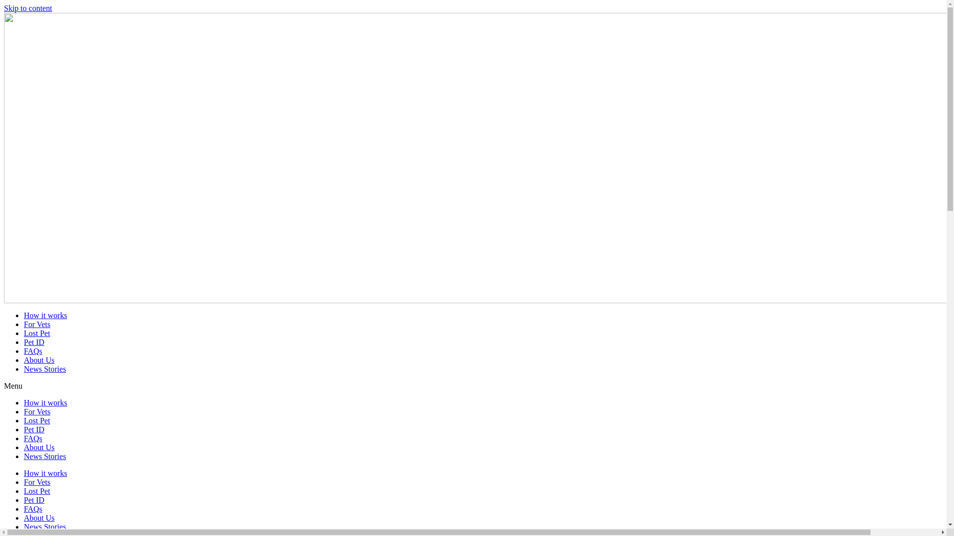  I want to click on 'How it works', so click(45, 472).